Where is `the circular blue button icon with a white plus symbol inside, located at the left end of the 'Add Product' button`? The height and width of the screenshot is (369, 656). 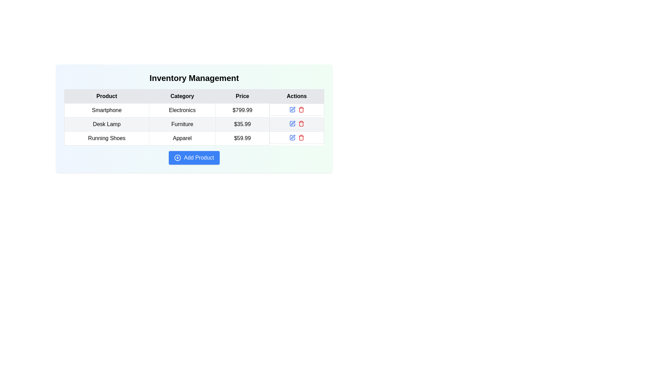 the circular blue button icon with a white plus symbol inside, located at the left end of the 'Add Product' button is located at coordinates (178, 158).